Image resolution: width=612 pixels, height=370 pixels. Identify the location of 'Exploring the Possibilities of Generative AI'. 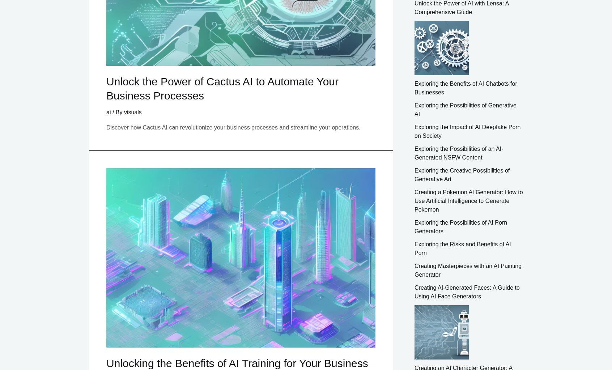
(465, 109).